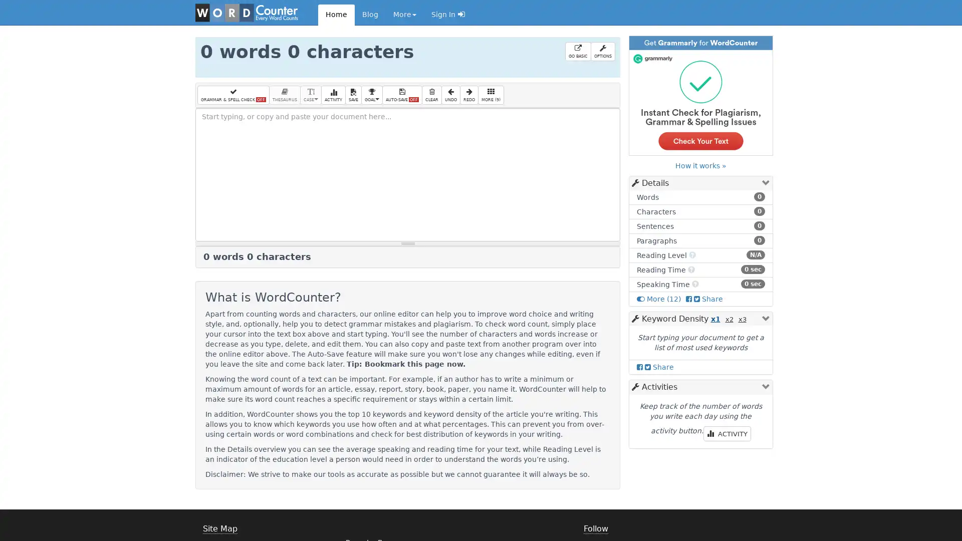 The image size is (962, 541). What do you see at coordinates (577, 51) in the screenshot?
I see `GO BASIC` at bounding box center [577, 51].